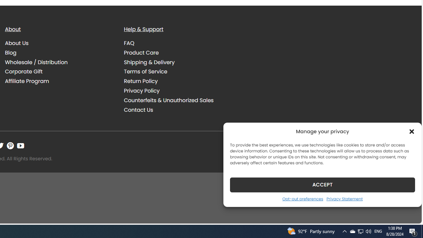  I want to click on 'Product Care', so click(141, 52).